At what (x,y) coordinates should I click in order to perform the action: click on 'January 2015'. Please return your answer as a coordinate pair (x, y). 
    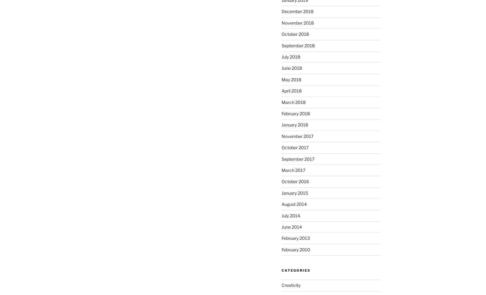
    Looking at the image, I should click on (294, 192).